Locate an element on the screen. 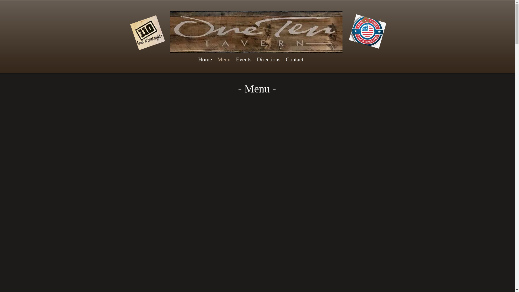 The image size is (519, 292). 'Menu' is located at coordinates (224, 59).